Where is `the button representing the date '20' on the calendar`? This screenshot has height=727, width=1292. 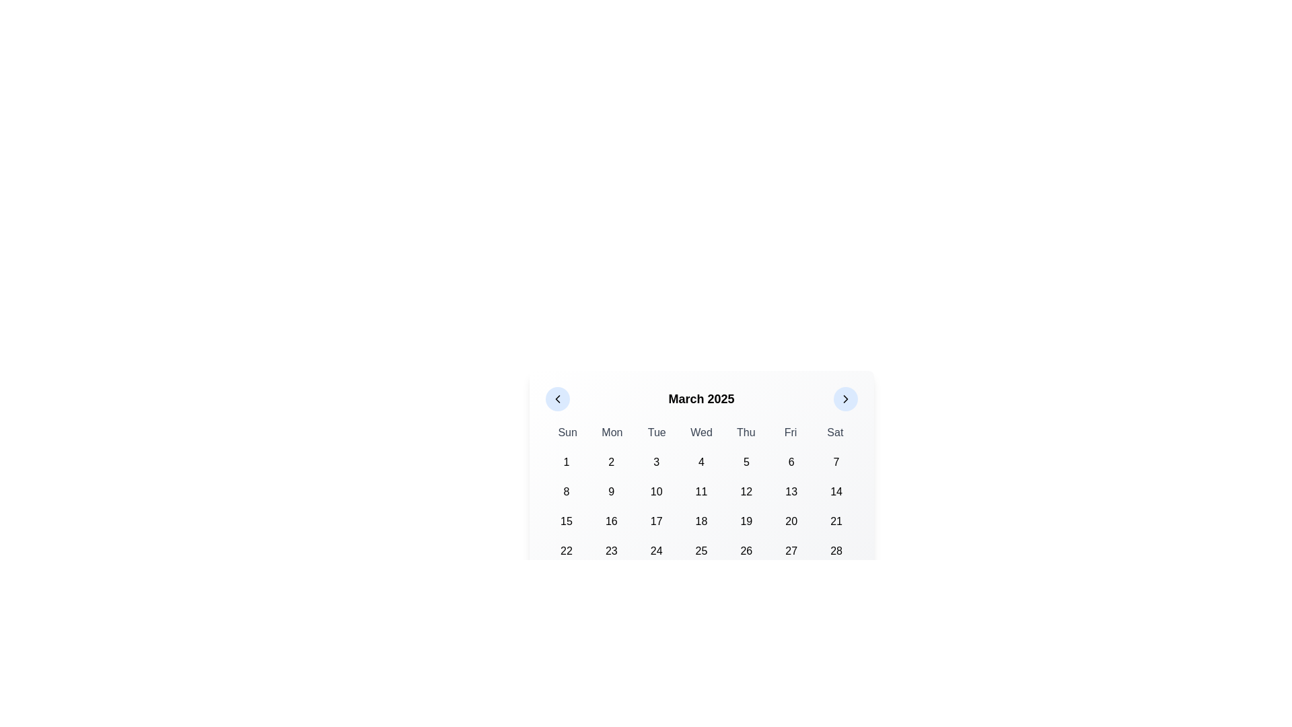
the button representing the date '20' on the calendar is located at coordinates (791, 521).